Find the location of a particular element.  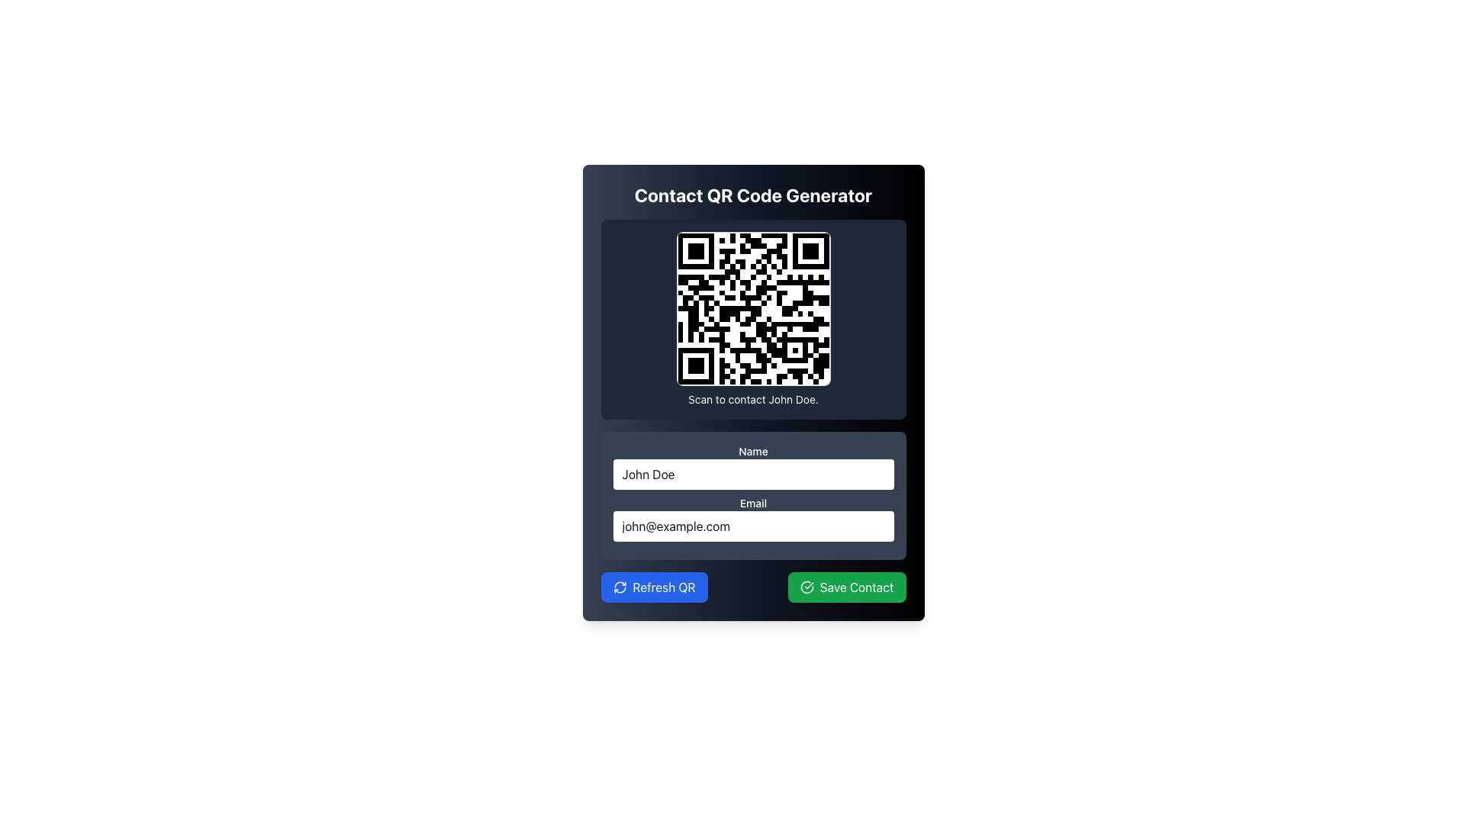

the visual style of the refresh icon located within the 'Refresh QR' button at the bottom-left section of the user interface is located at coordinates (620, 587).